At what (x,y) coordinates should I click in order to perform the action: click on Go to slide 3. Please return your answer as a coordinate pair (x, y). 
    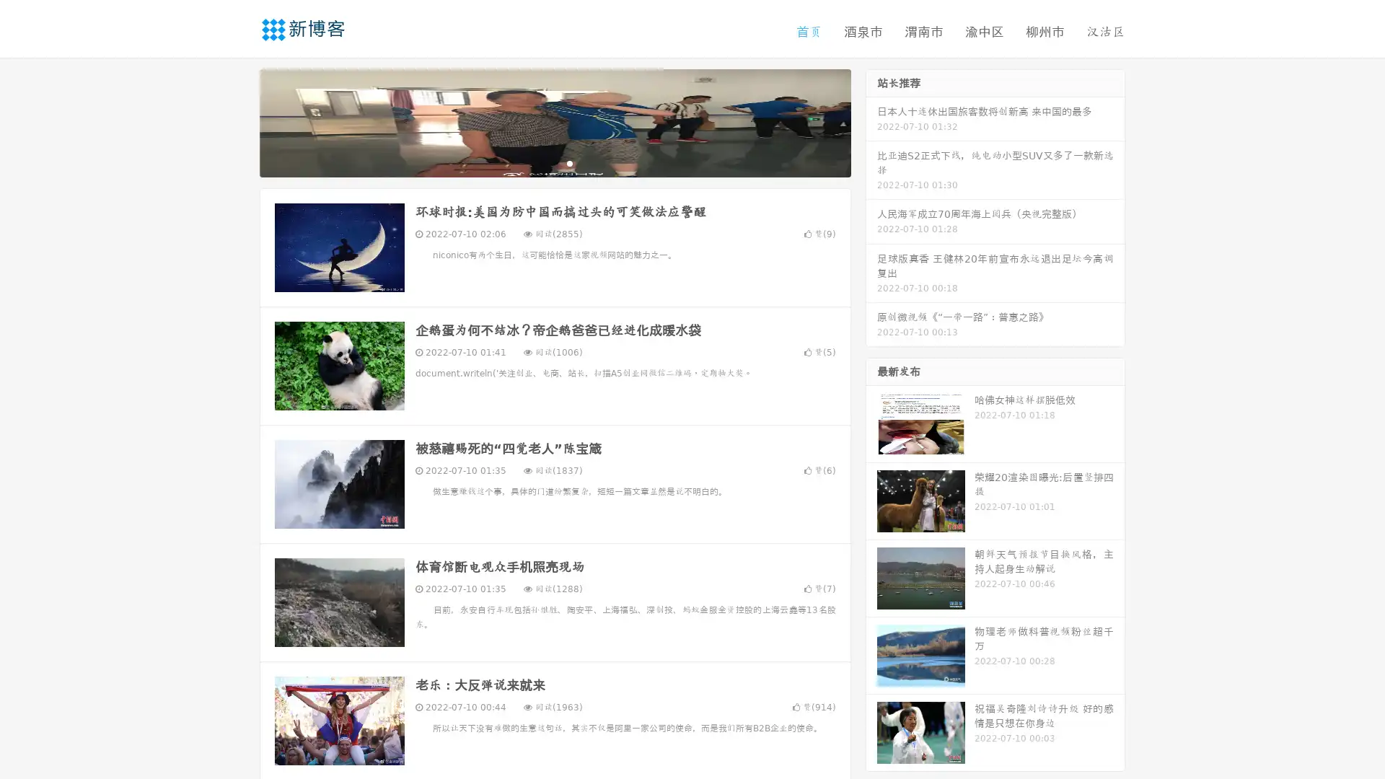
    Looking at the image, I should click on (569, 162).